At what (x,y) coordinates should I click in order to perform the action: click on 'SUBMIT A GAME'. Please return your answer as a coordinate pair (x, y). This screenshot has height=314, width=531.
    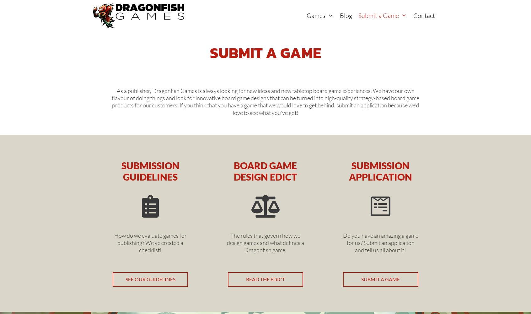
    Looking at the image, I should click on (361, 279).